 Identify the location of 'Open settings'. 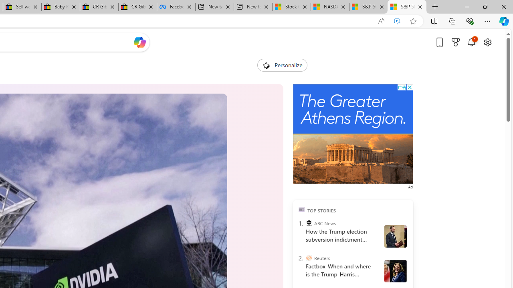
(487, 42).